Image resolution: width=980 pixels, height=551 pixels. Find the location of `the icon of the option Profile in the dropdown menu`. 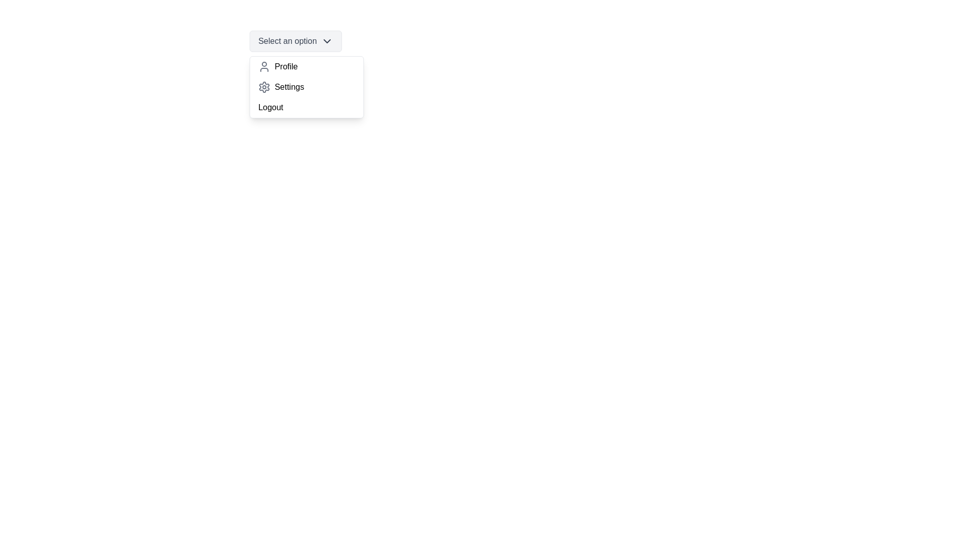

the icon of the option Profile in the dropdown menu is located at coordinates (264, 67).